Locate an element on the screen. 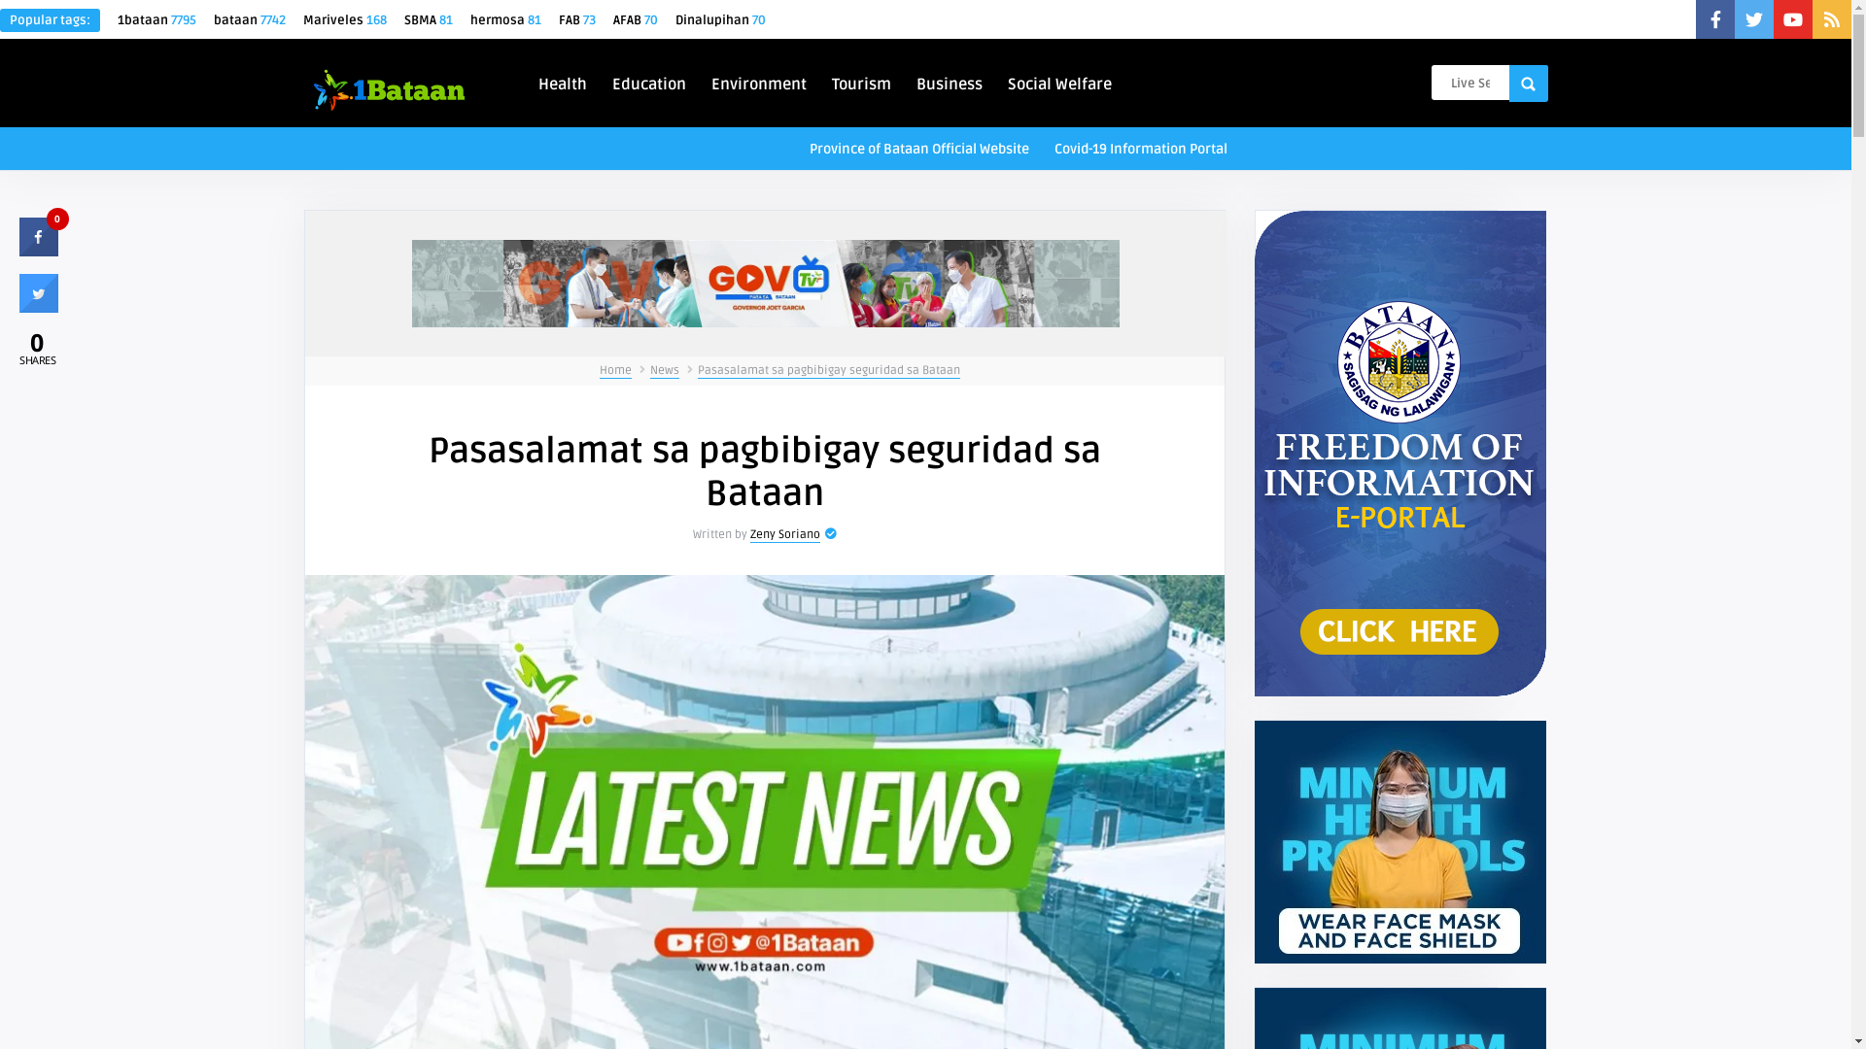 Image resolution: width=1866 pixels, height=1049 pixels. 'Social Welfare' is located at coordinates (999, 81).